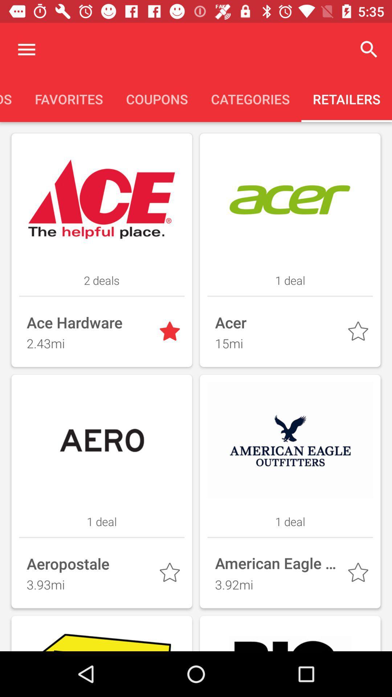  Describe the element at coordinates (171, 333) in the screenshot. I see `favorite` at that location.